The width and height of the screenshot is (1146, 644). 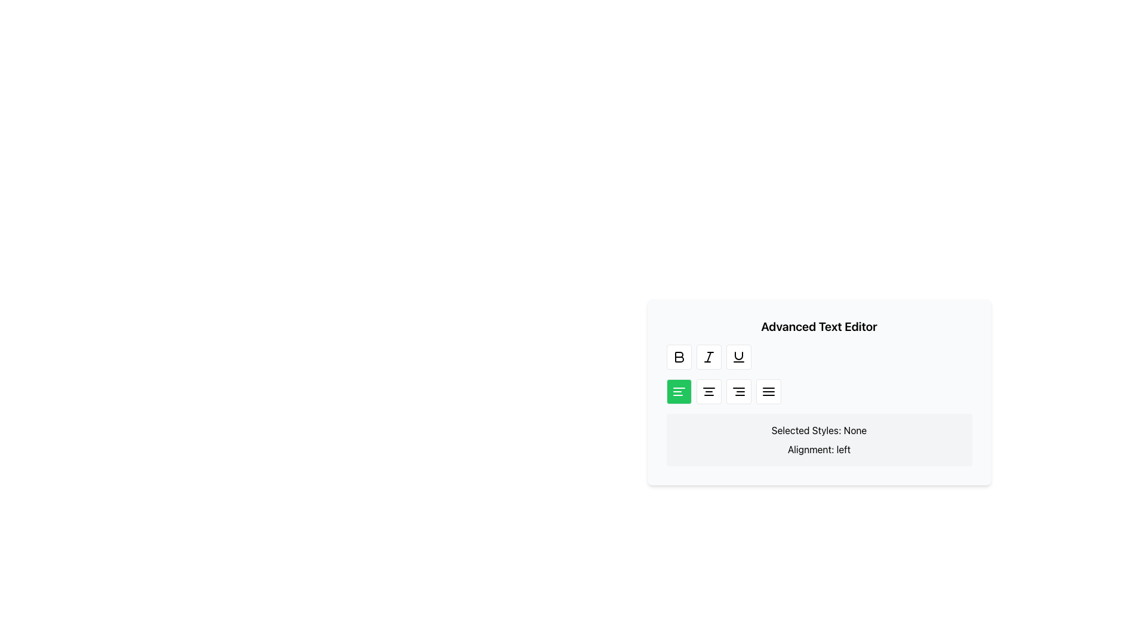 I want to click on the bold formatting button in the toolbar below the 'Advanced Text Editor' header, so click(x=679, y=356).